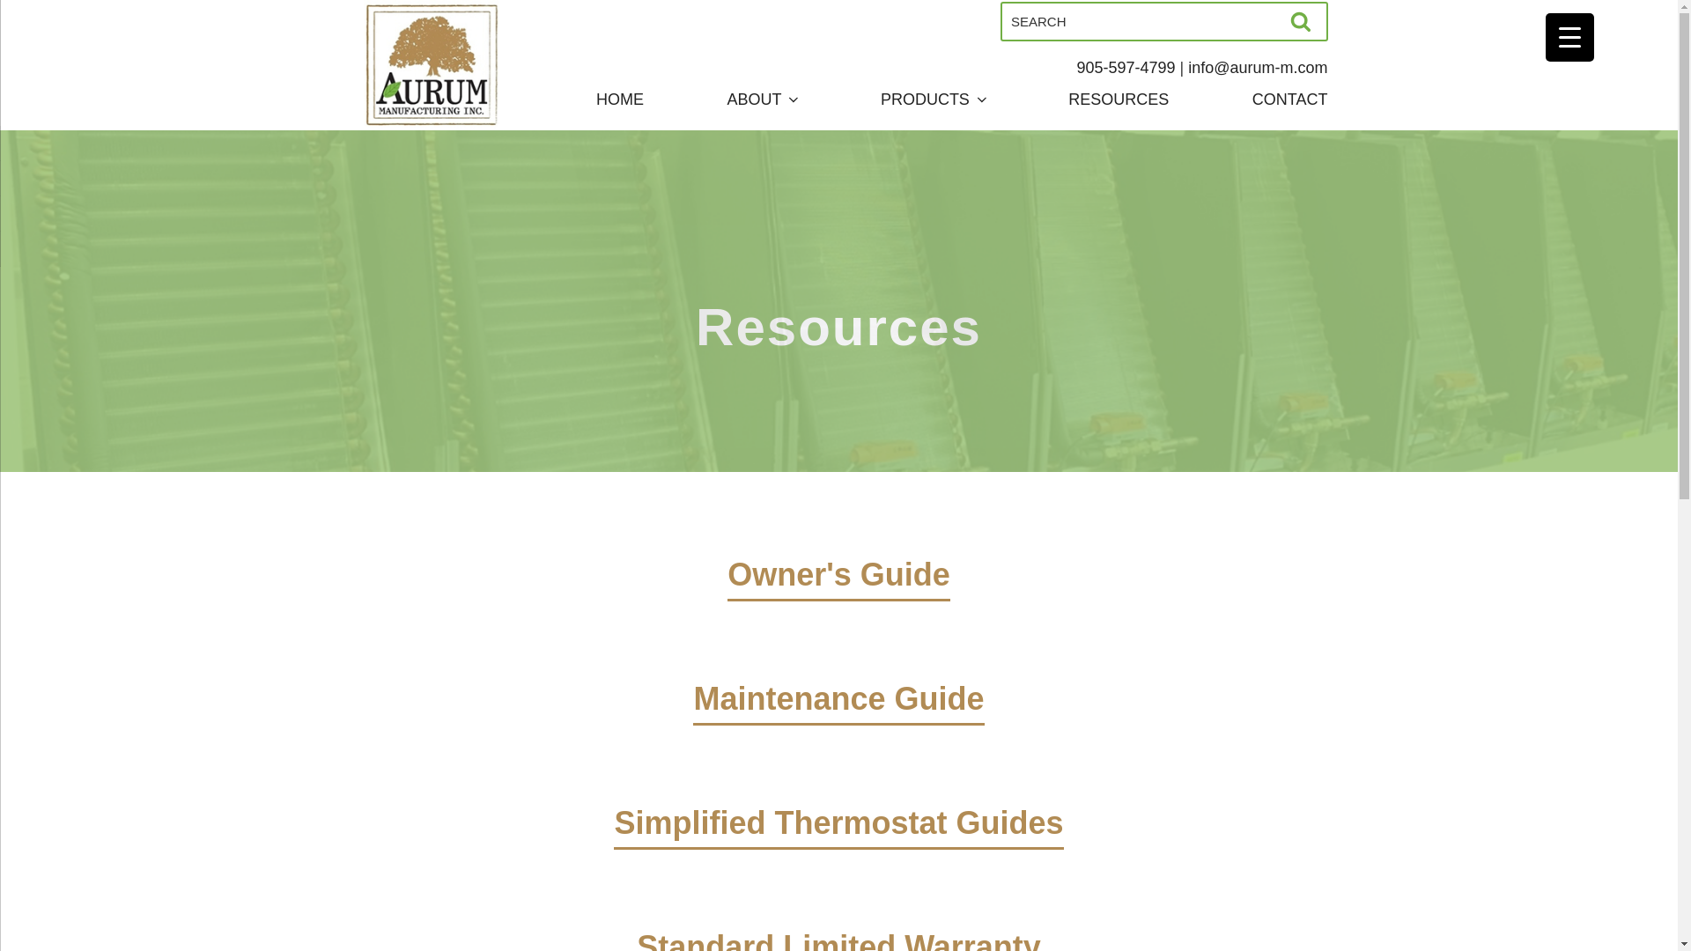 The image size is (1691, 951). Describe the element at coordinates (620, 100) in the screenshot. I see `'HOME'` at that location.